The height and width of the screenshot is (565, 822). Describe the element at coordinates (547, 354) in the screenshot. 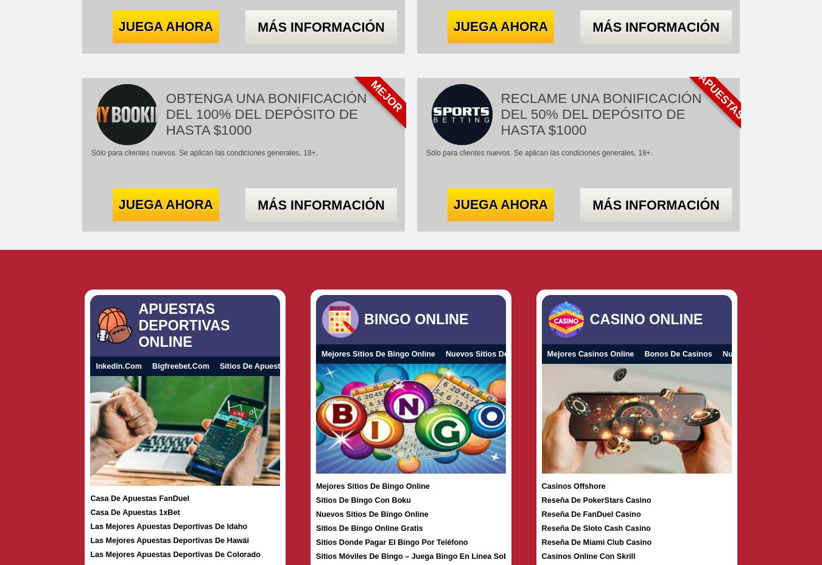

I see `'Mejores Casinos Online'` at that location.